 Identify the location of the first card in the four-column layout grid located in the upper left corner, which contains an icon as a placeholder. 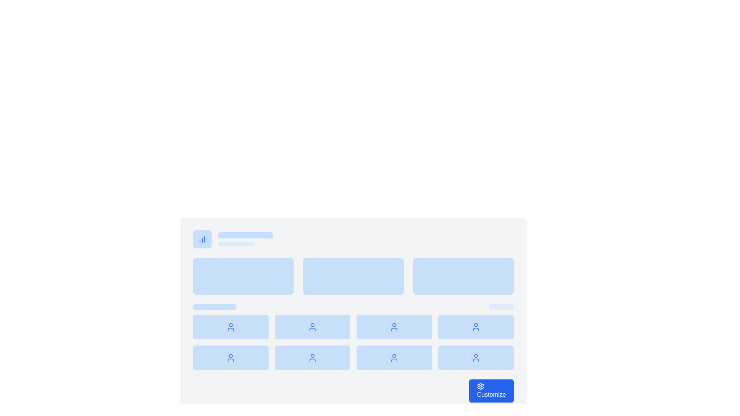
(230, 327).